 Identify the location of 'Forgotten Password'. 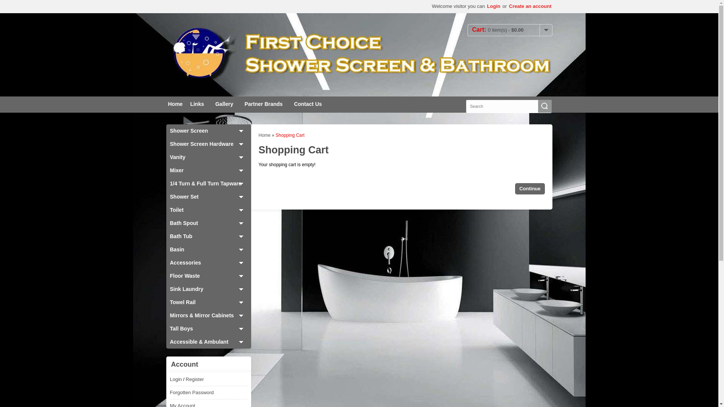
(192, 392).